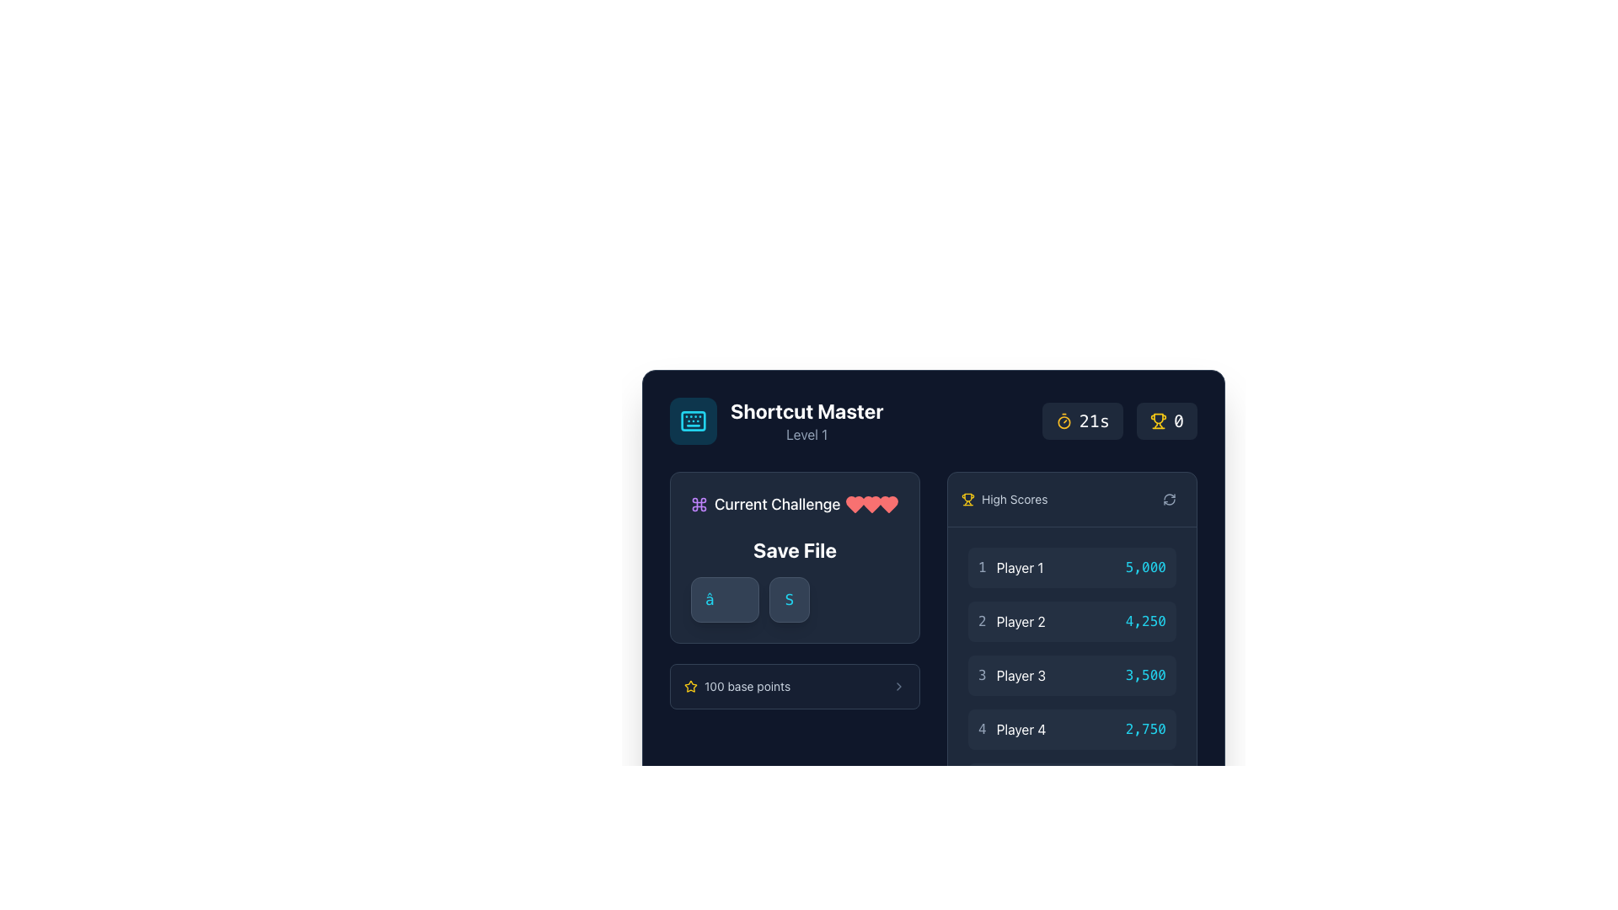 Image resolution: width=1618 pixels, height=910 pixels. What do you see at coordinates (1011, 729) in the screenshot?
I see `the text label displaying the fourth-ranked player's details in the 'High Scores' list to associate it with the neighboring score information` at bounding box center [1011, 729].